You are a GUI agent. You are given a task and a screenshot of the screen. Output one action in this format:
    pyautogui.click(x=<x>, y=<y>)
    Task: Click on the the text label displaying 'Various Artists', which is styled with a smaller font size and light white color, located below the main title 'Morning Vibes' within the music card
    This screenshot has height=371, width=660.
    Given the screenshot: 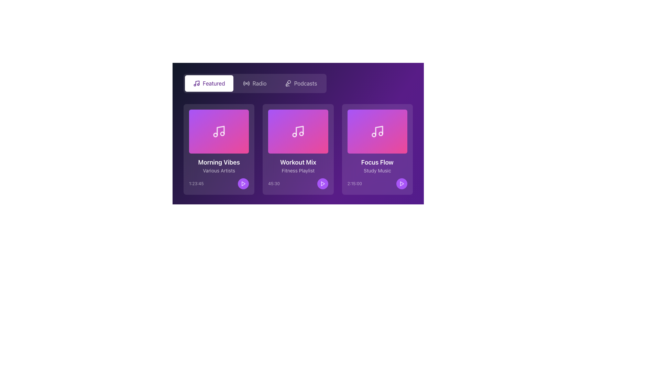 What is the action you would take?
    pyautogui.click(x=219, y=170)
    